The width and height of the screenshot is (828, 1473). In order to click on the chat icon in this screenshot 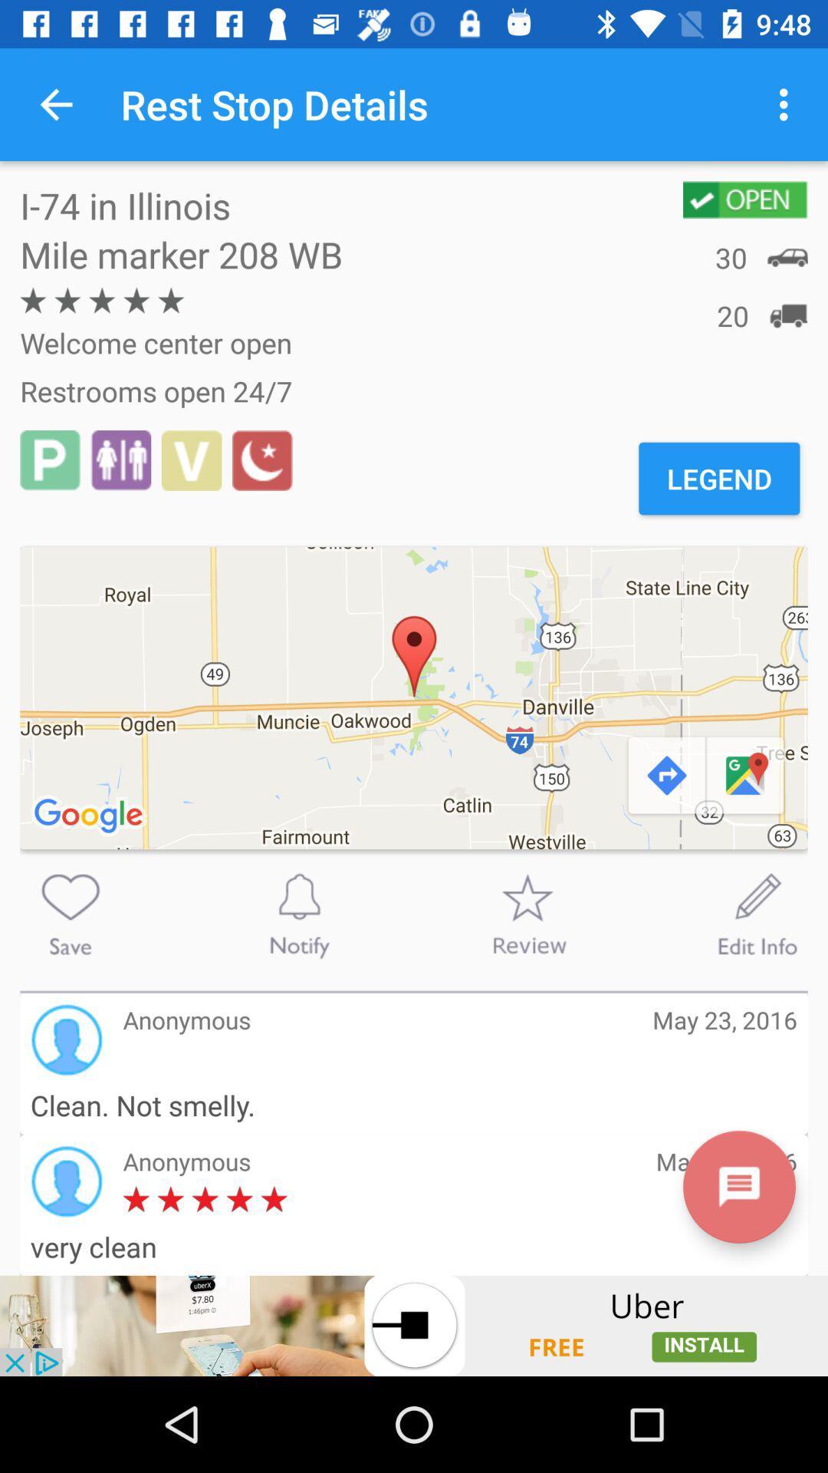, I will do `click(738, 1186)`.